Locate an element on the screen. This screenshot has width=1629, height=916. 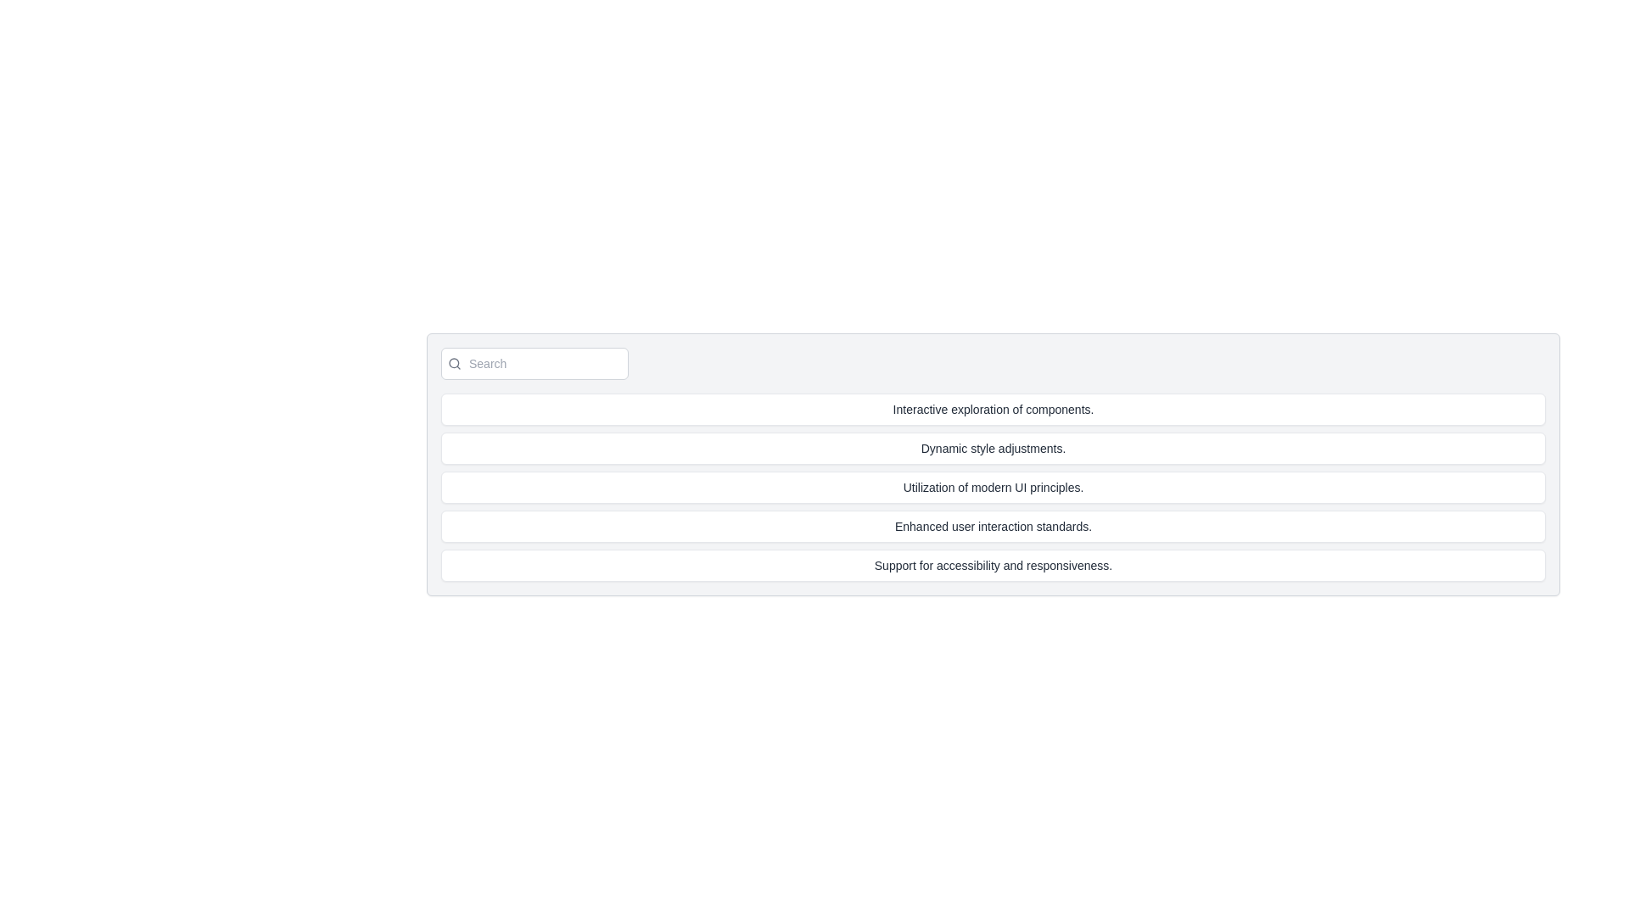
the empty space between the letters 'n' and 'o' in the word 'Utilization' within the sentence 'Utilization of modern UI principles.' is located at coordinates (956, 487).